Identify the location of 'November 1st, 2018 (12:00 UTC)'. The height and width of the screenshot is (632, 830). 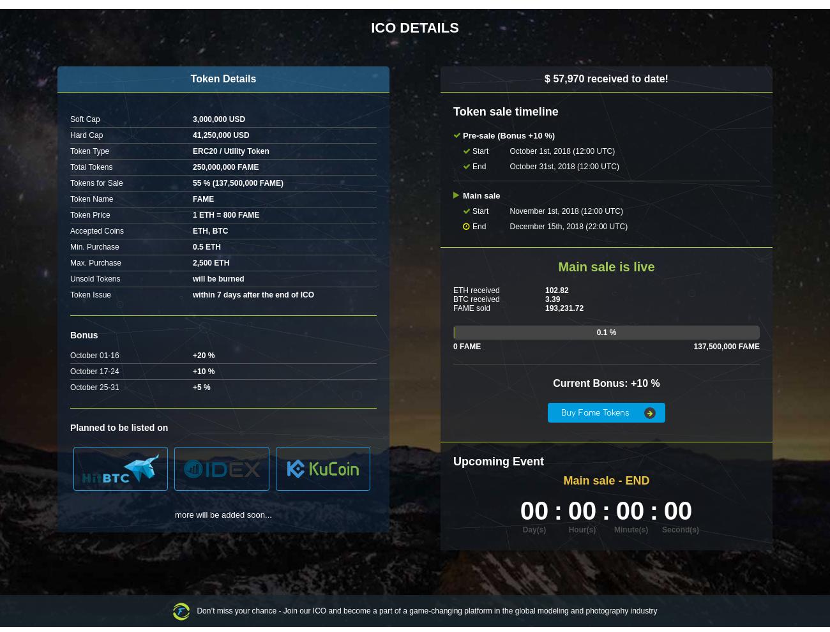
(565, 210).